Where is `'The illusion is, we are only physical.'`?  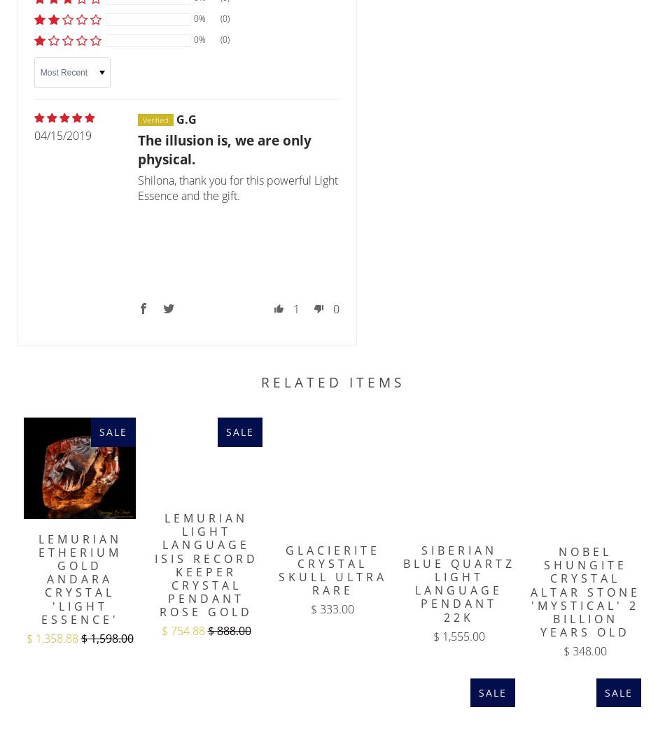
'The illusion is, we are only physical.' is located at coordinates (223, 148).